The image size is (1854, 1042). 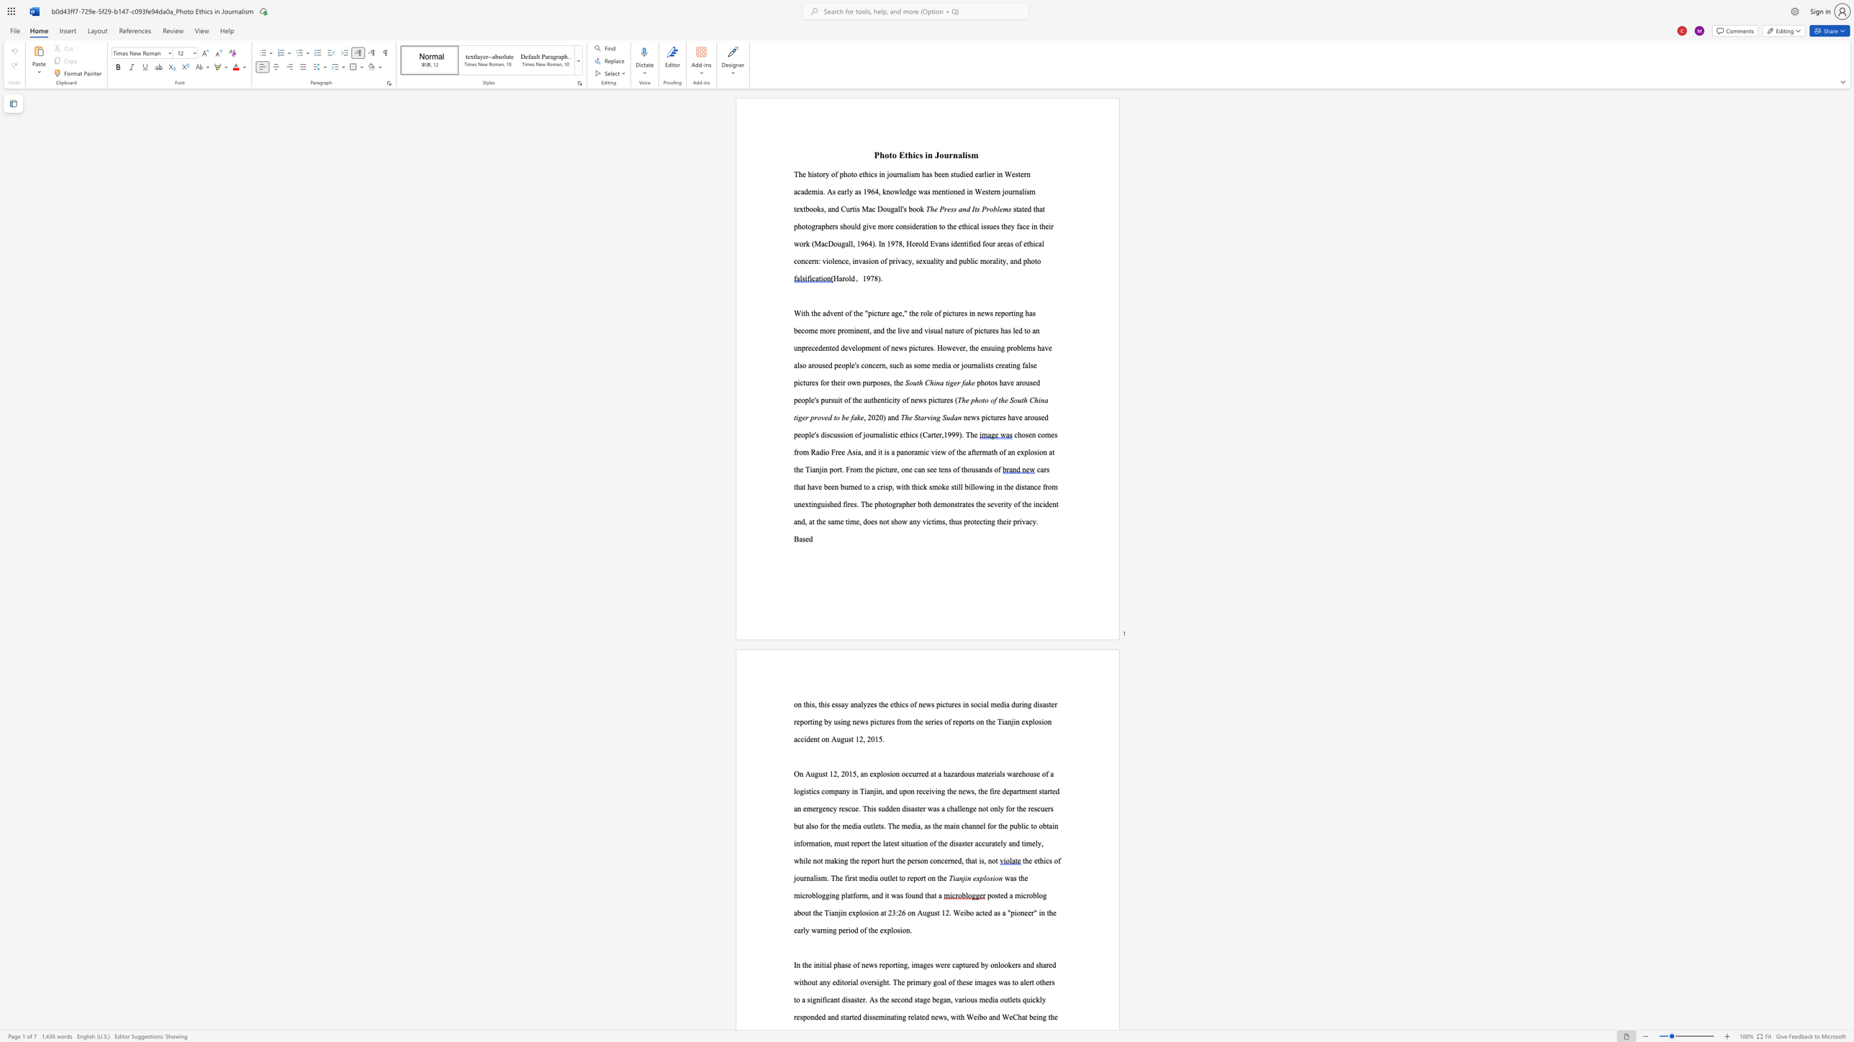 I want to click on the 1th character "m" in the text, so click(x=881, y=1016).